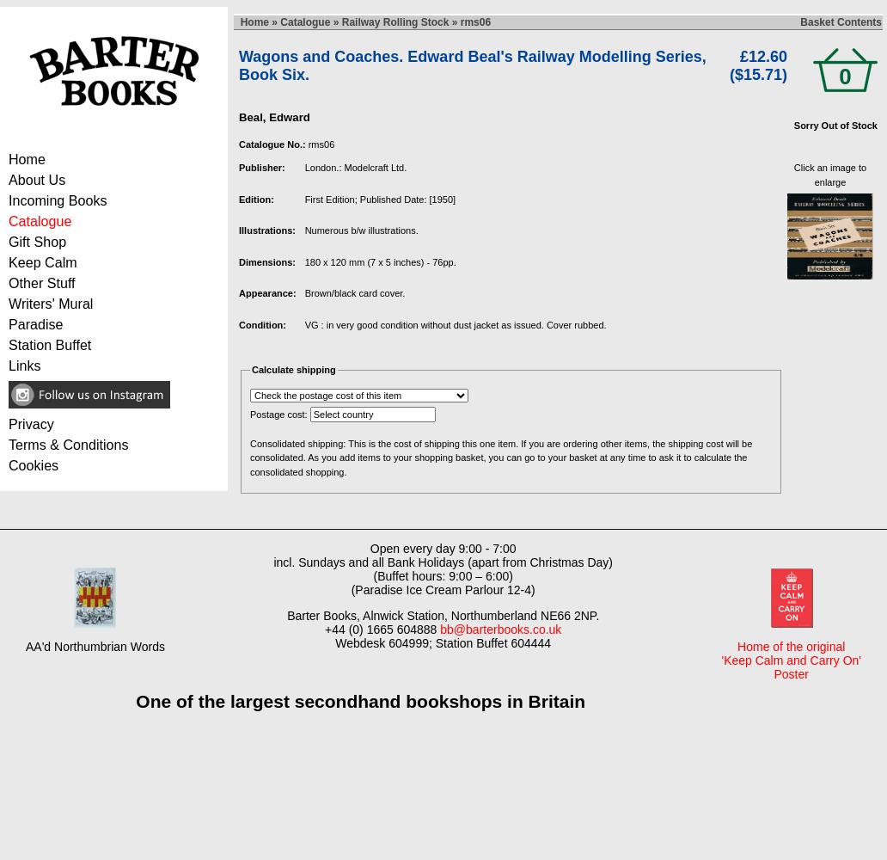  I want to click on 'incl. Sundays and all Bank Holidays (apart from Christmas Day)', so click(441, 562).